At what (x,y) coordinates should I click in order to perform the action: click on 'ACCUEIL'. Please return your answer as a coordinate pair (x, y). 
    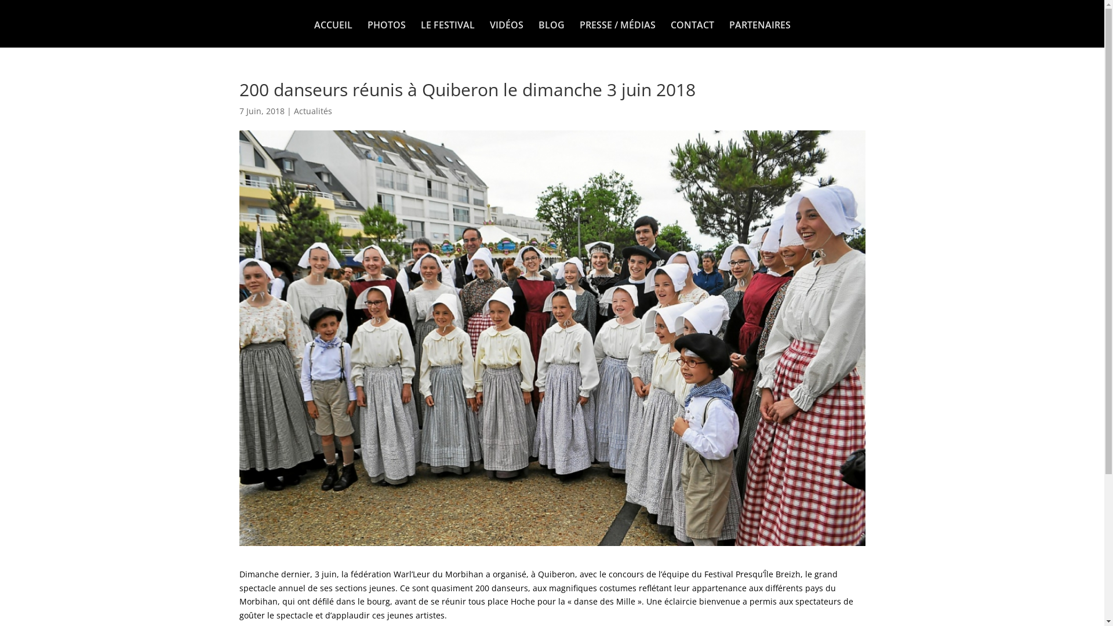
    Looking at the image, I should click on (333, 33).